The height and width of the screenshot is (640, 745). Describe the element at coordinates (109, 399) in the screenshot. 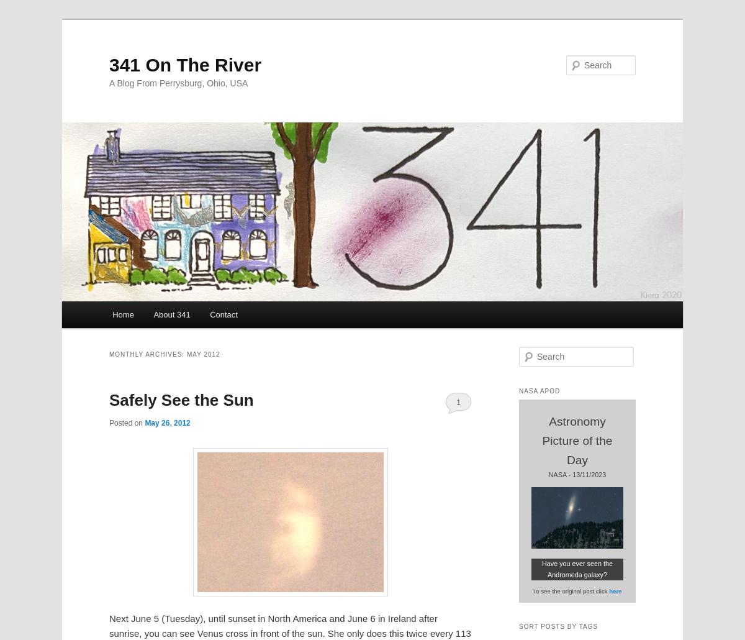

I see `'Safely See the Sun'` at that location.